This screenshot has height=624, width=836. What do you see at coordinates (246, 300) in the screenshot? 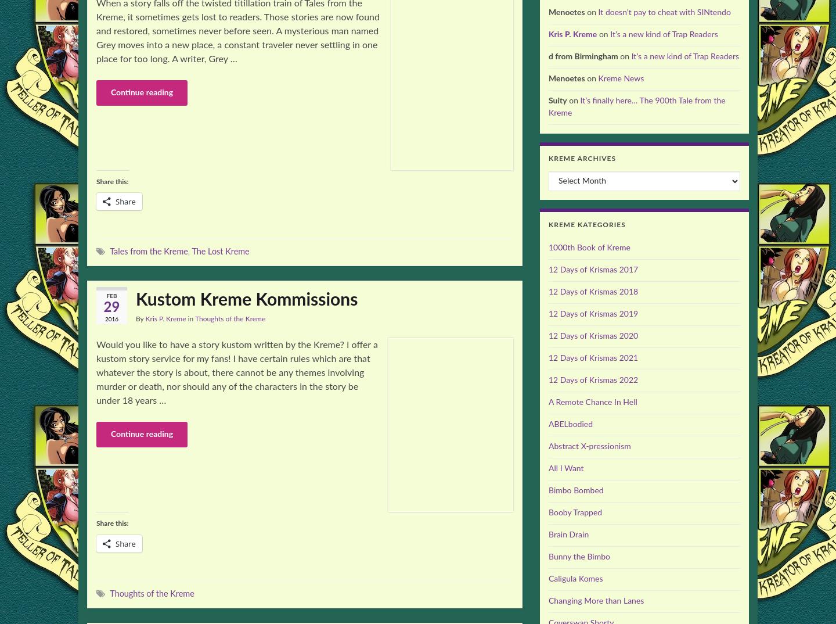
I see `'Kustom Kreme Kommissions'` at bounding box center [246, 300].